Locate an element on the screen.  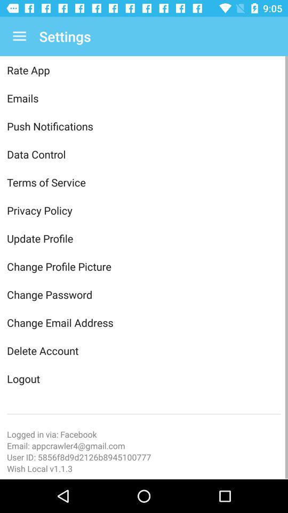
change password icon is located at coordinates (144, 294).